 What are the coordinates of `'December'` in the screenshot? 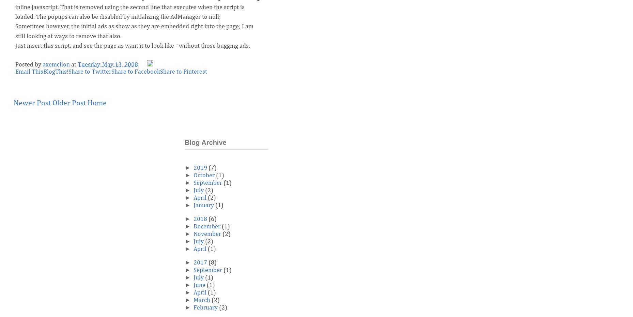 It's located at (207, 226).